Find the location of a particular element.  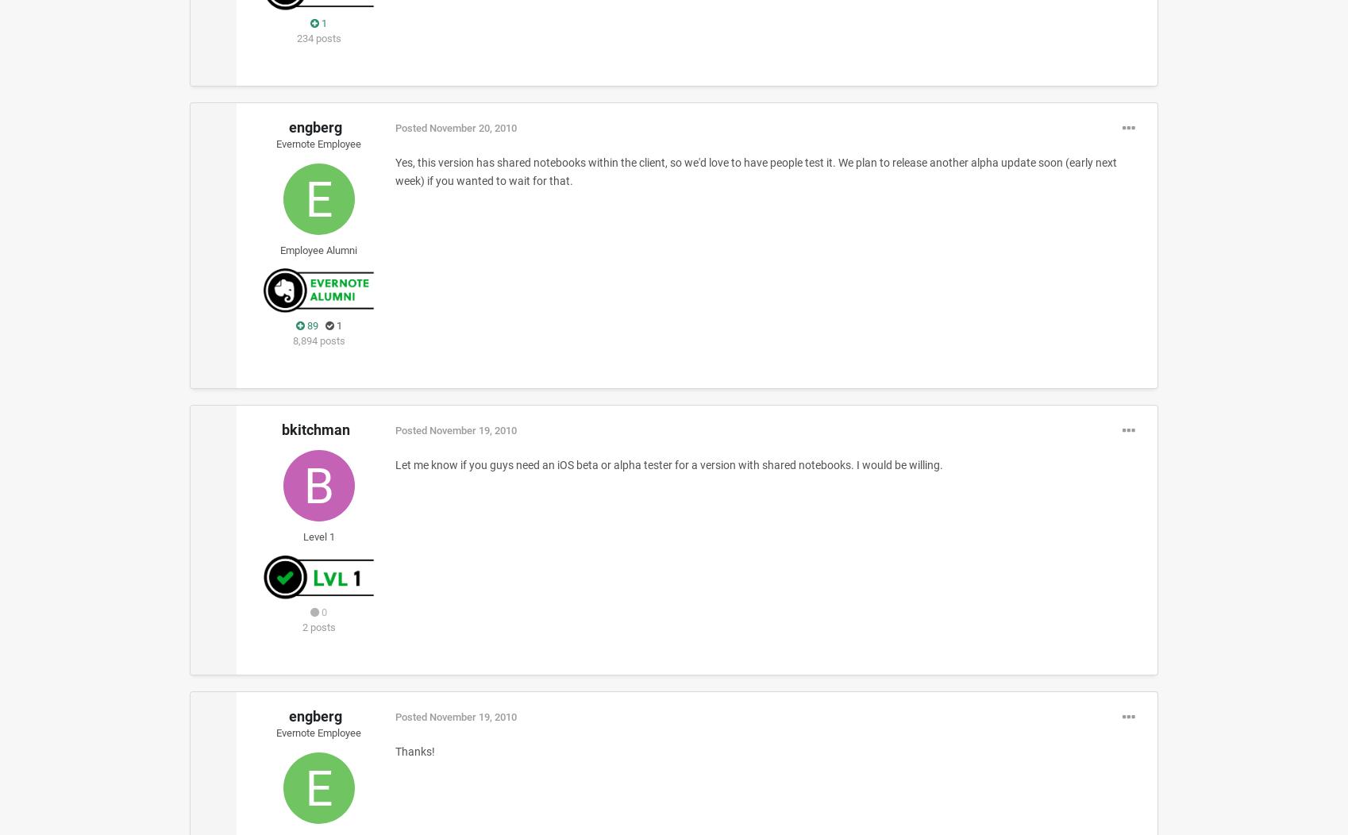

'Yes, this version has shared notebooks within the client, so we'd love to have people test it.  We plan to release another alpha update soon (early next week) if you wanted to wait for that.' is located at coordinates (754, 171).